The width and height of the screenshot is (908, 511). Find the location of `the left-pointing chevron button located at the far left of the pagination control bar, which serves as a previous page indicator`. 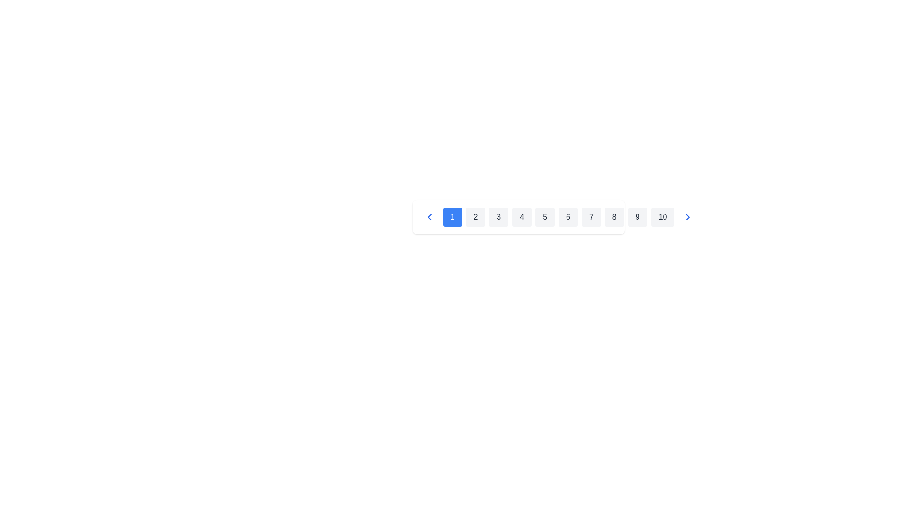

the left-pointing chevron button located at the far left of the pagination control bar, which serves as a previous page indicator is located at coordinates (429, 217).